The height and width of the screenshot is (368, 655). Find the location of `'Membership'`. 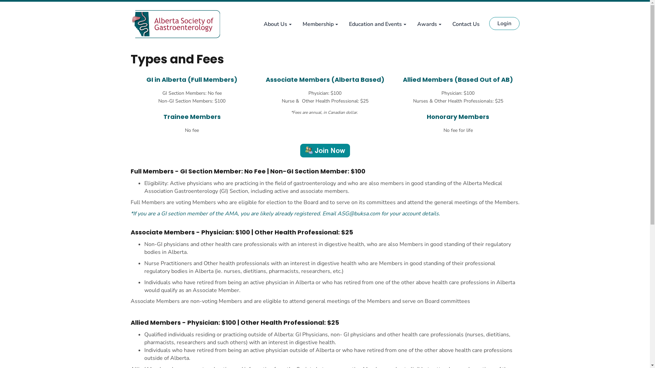

'Membership' is located at coordinates (319, 24).